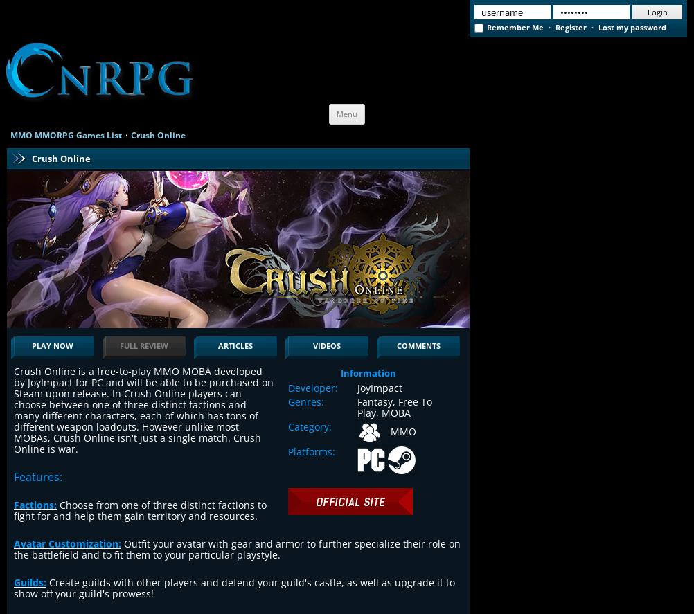 Image resolution: width=694 pixels, height=614 pixels. I want to click on 'MMO', so click(402, 431).